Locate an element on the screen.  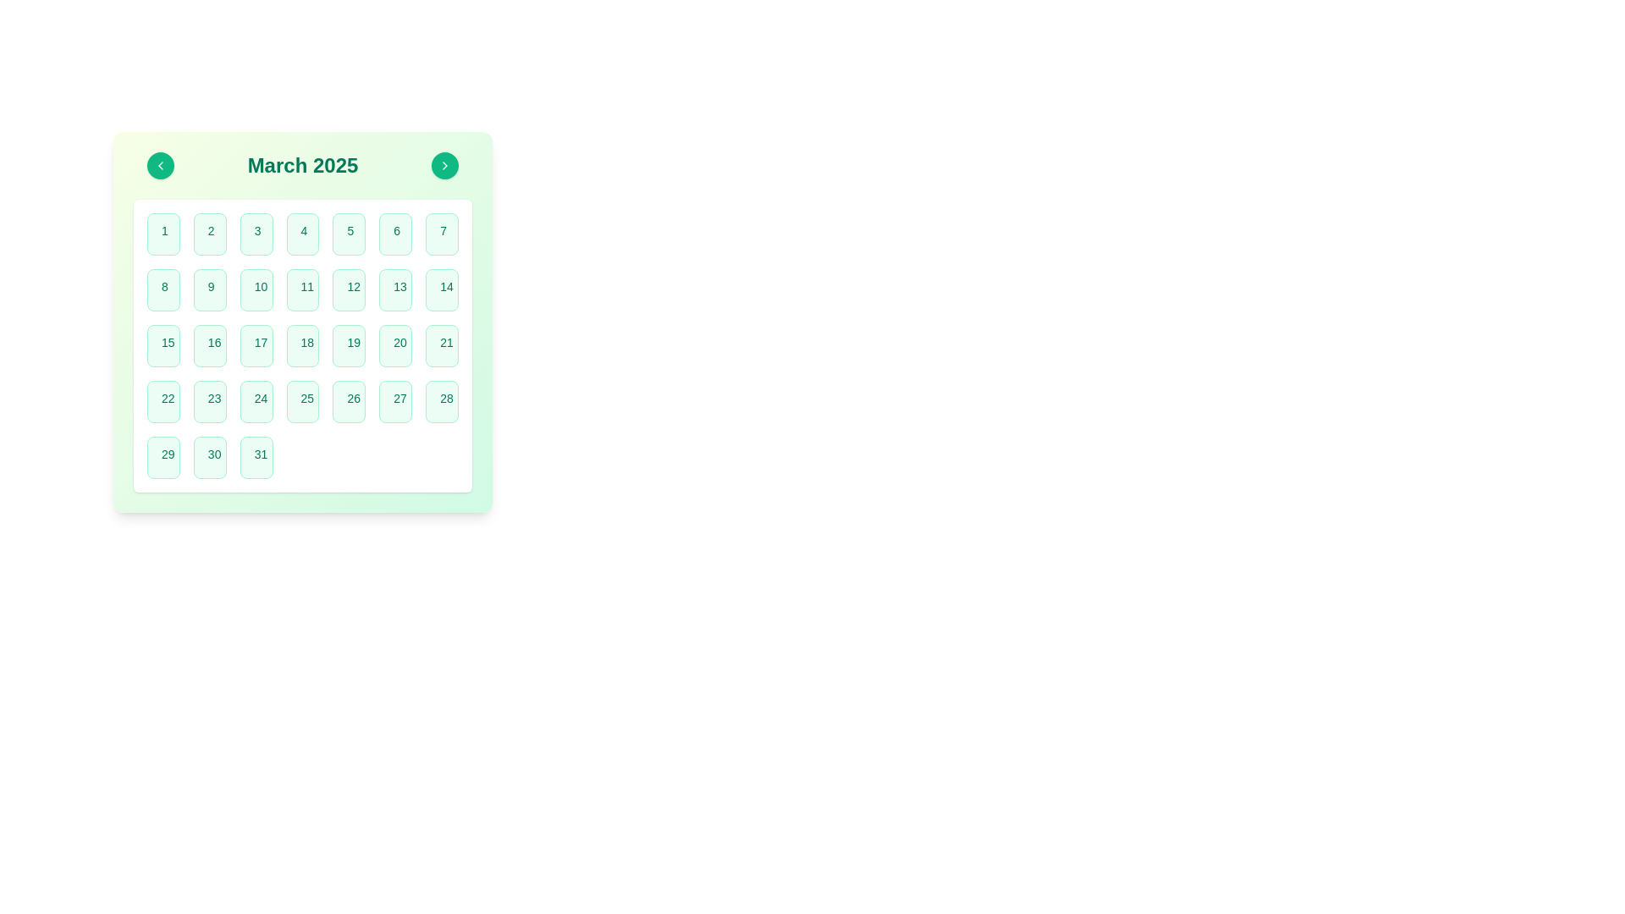
the Calendar date cell representing March 16, 2025, for keyboard navigation is located at coordinates (209, 344).